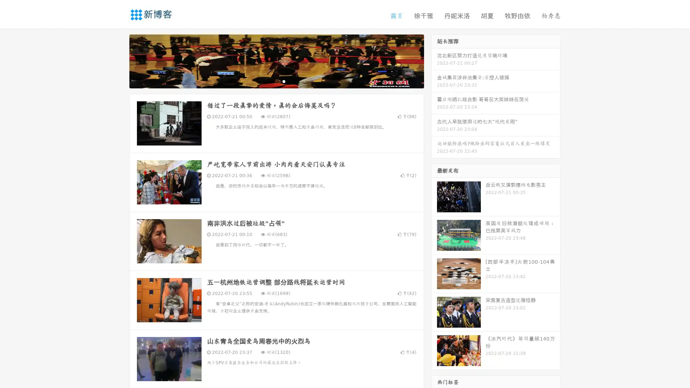 Image resolution: width=690 pixels, height=388 pixels. I want to click on Previous slide, so click(119, 60).